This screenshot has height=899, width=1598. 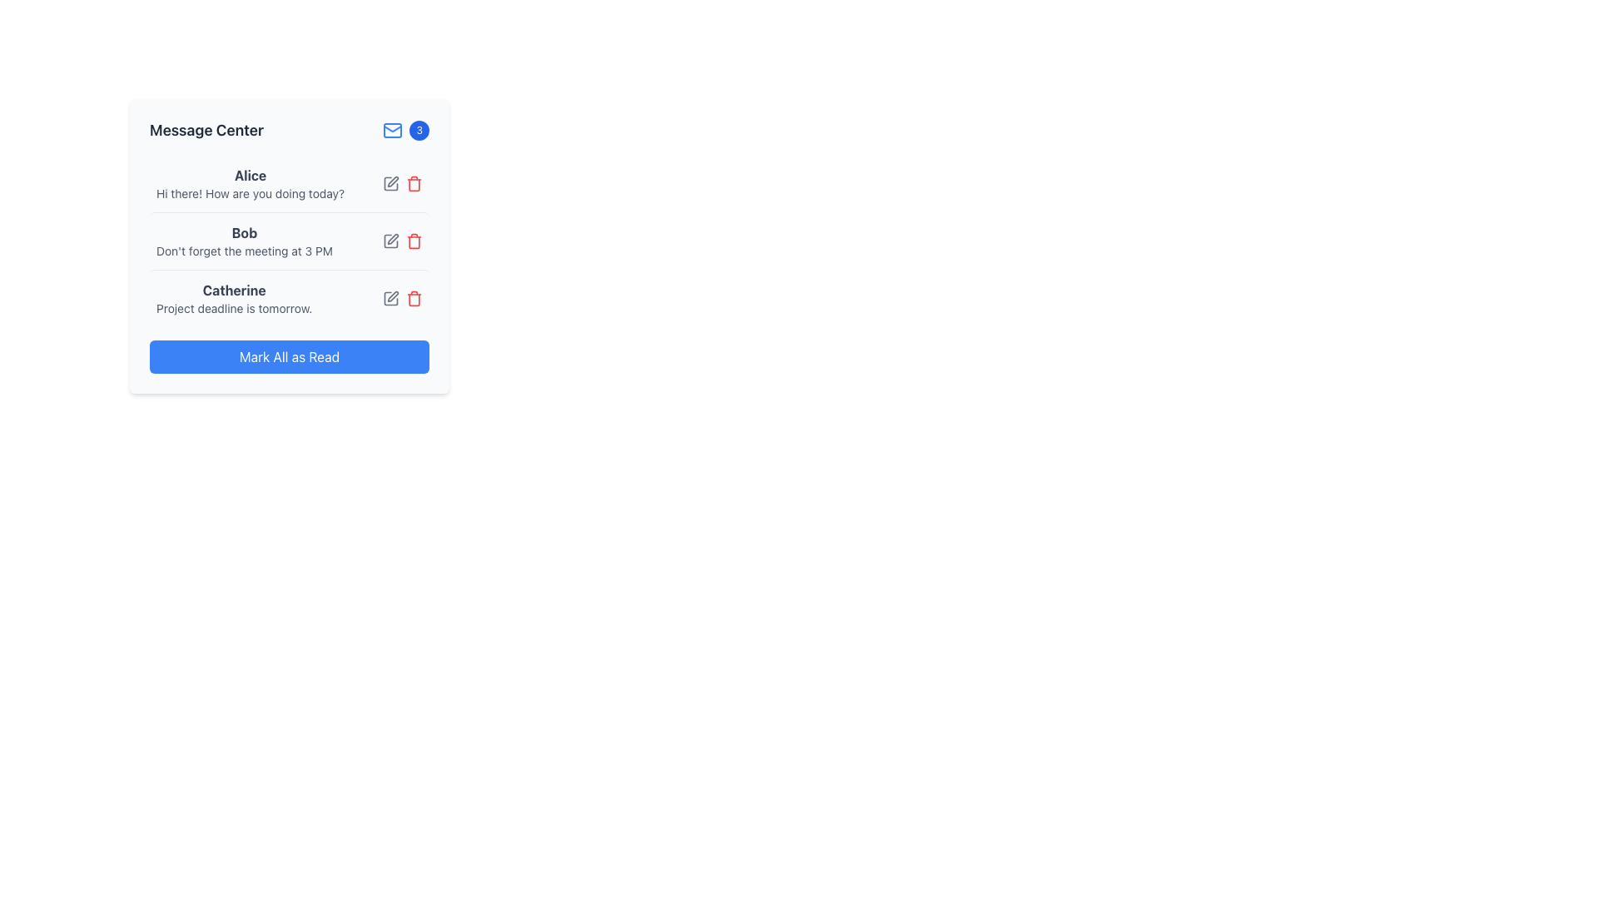 I want to click on the trash bin icon in the icon set located in the third column of the row containing the 'Alice' user message, so click(x=403, y=183).